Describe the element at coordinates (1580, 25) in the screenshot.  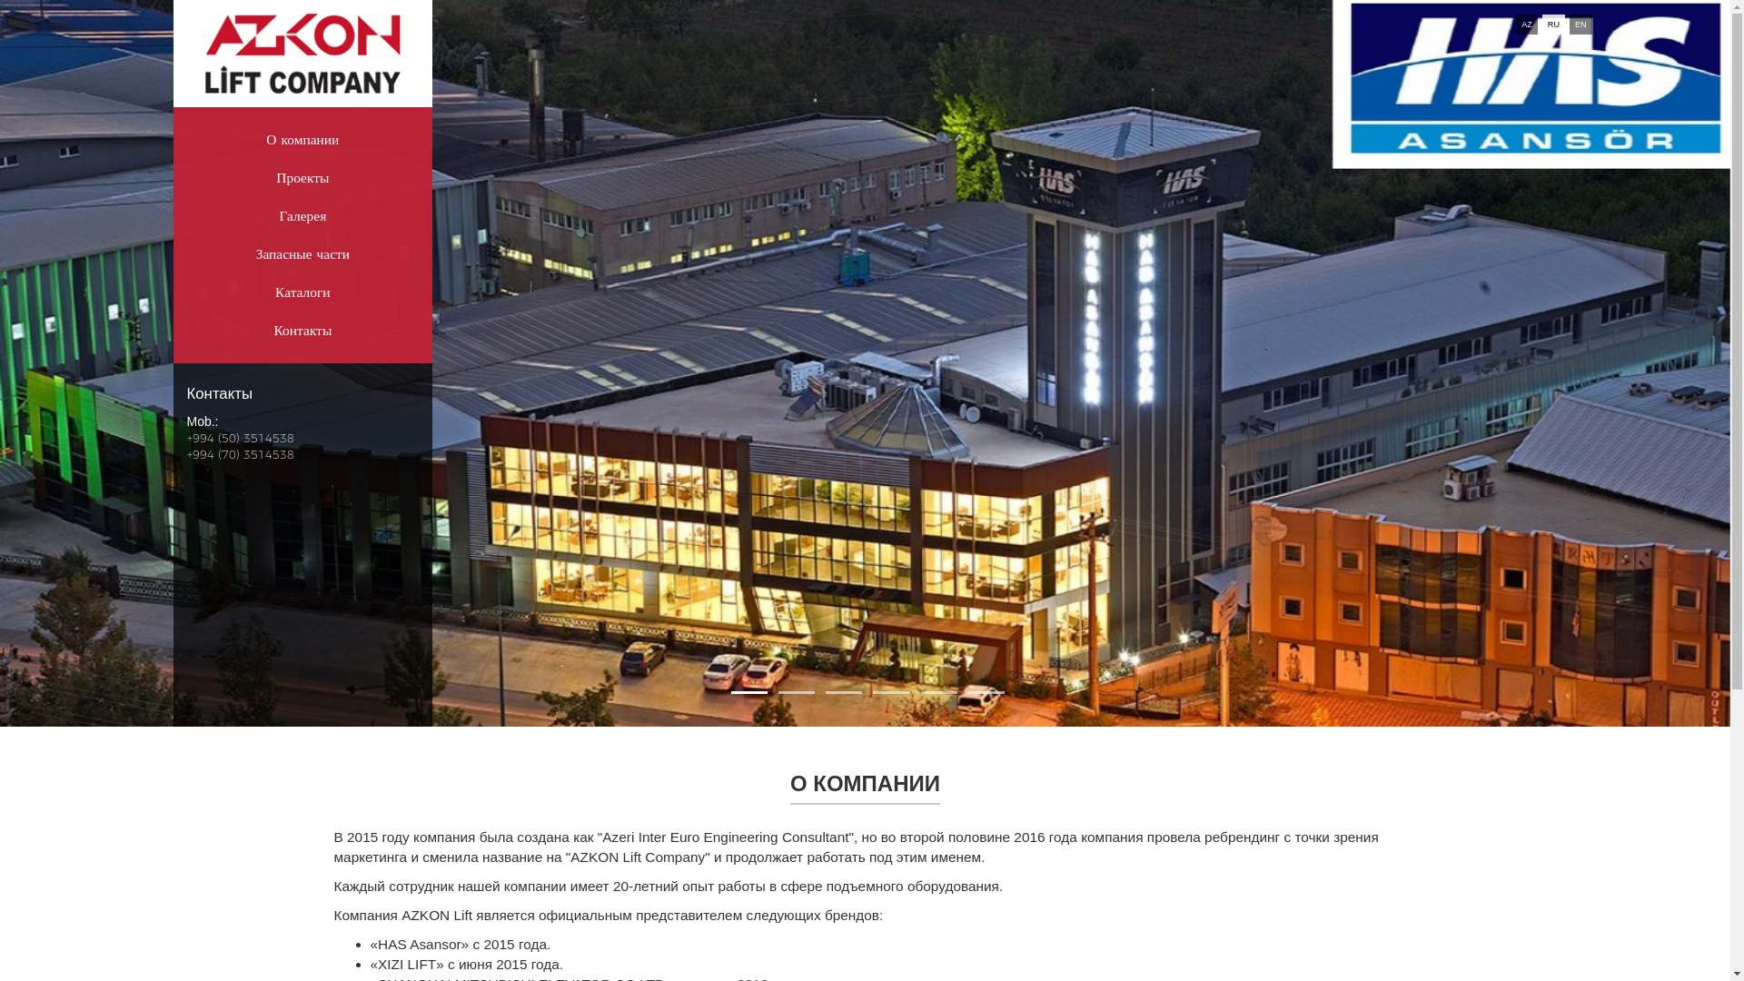
I see `'EN'` at that location.